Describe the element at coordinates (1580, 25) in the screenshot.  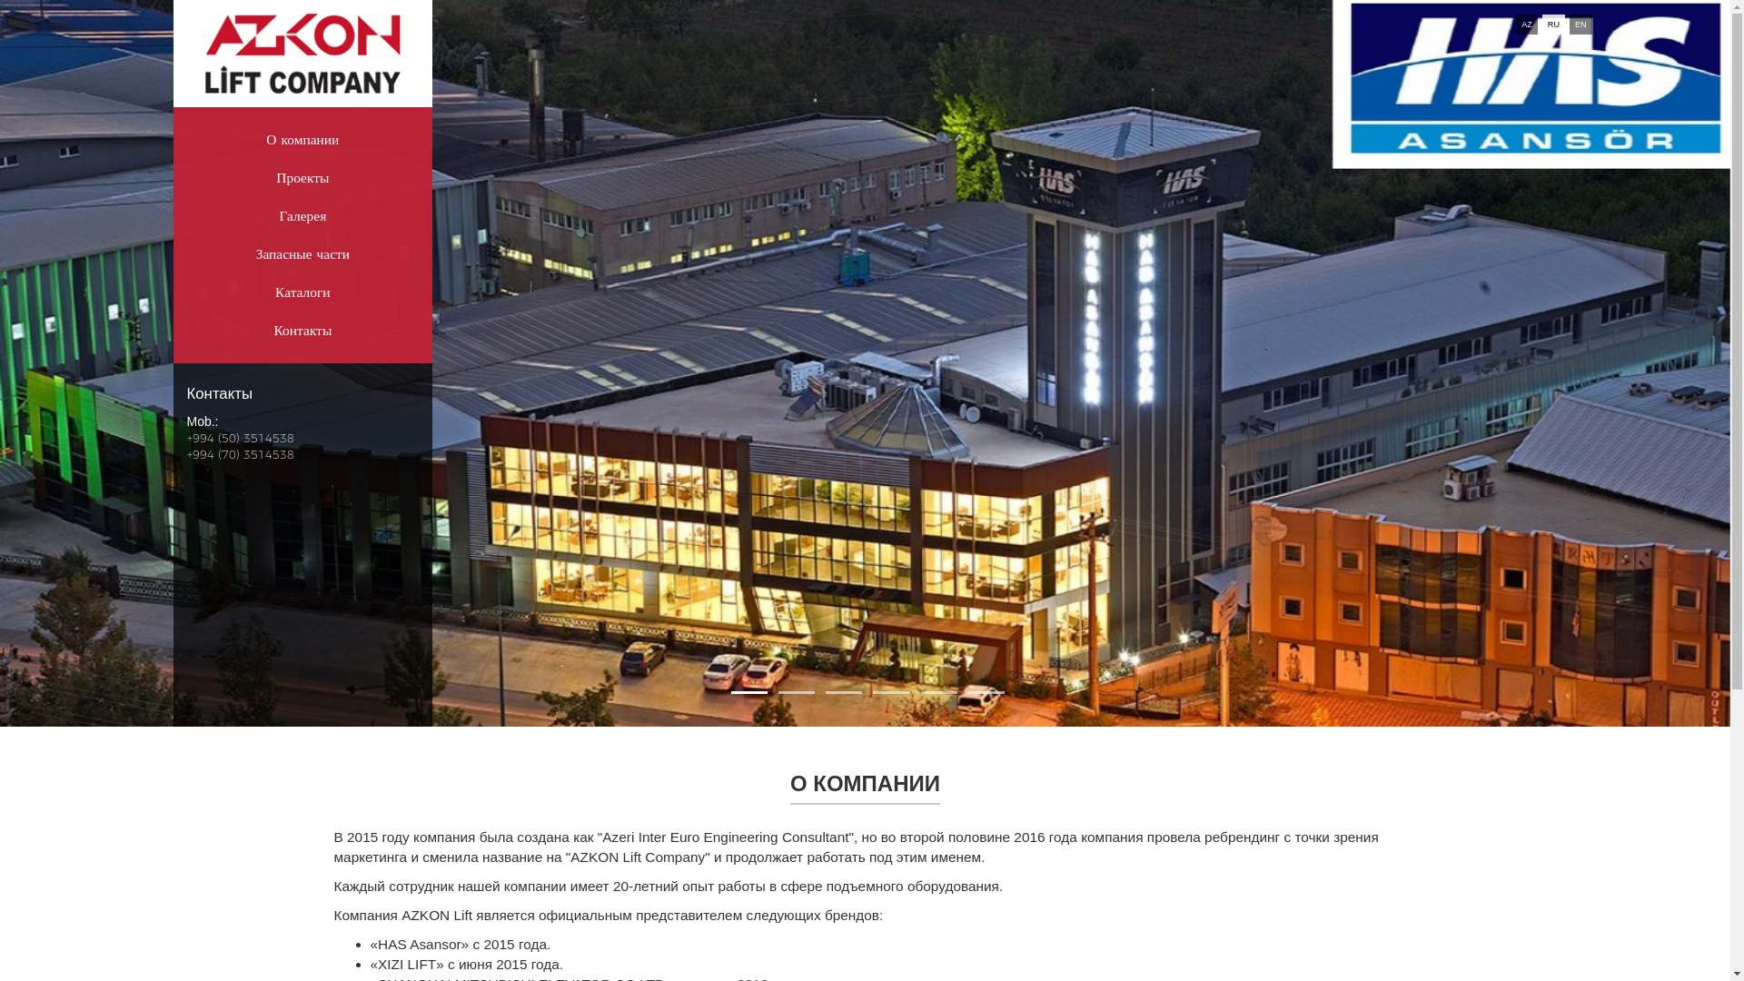
I see `'EN'` at that location.